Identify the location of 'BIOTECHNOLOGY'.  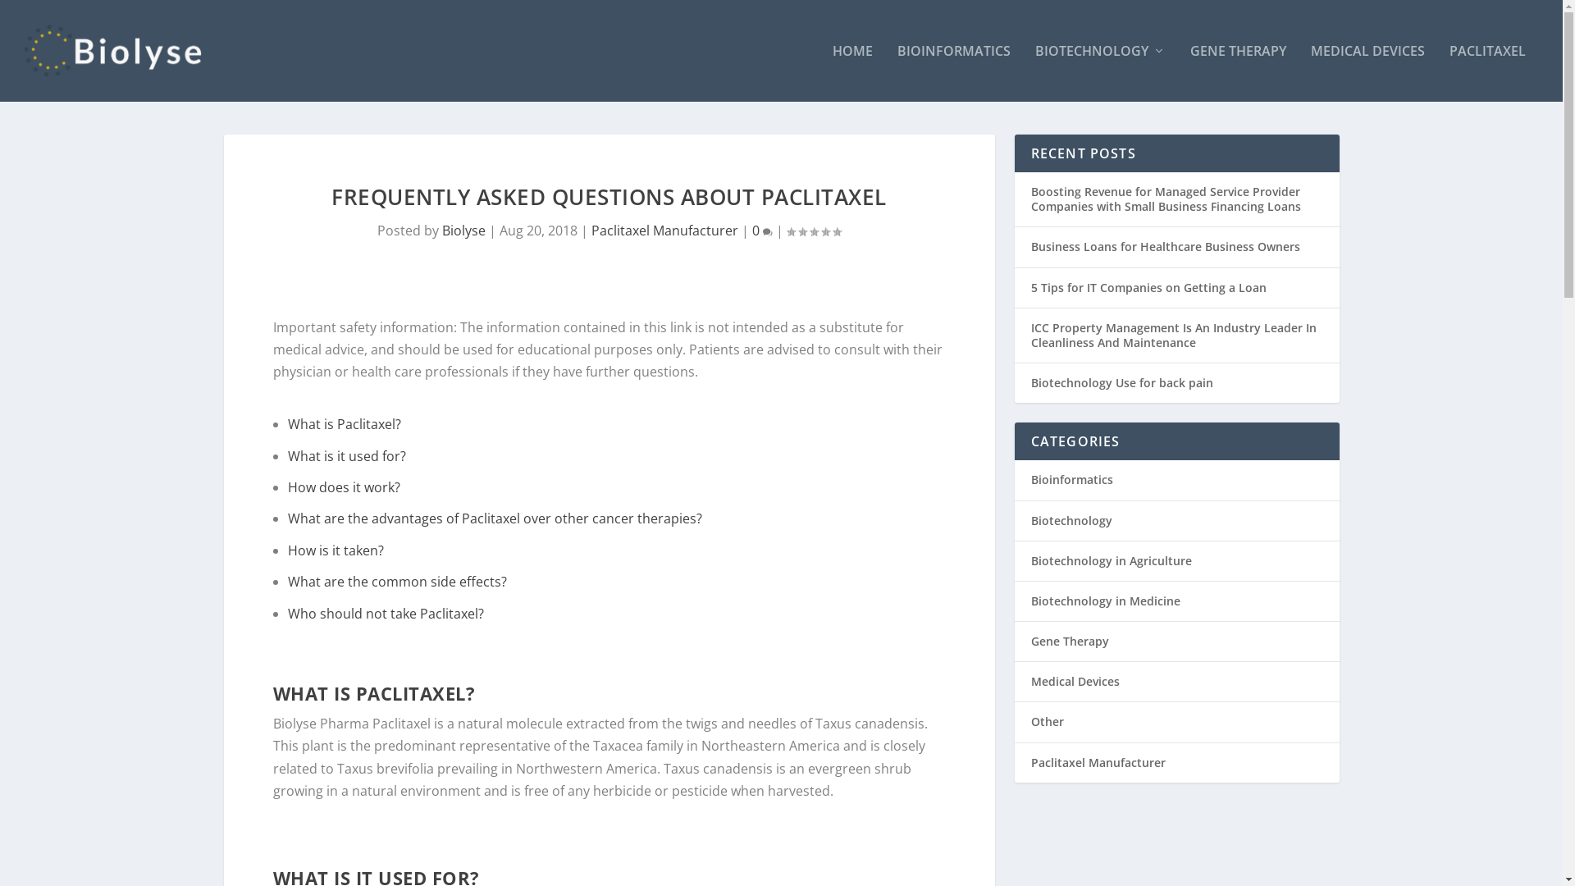
(1100, 71).